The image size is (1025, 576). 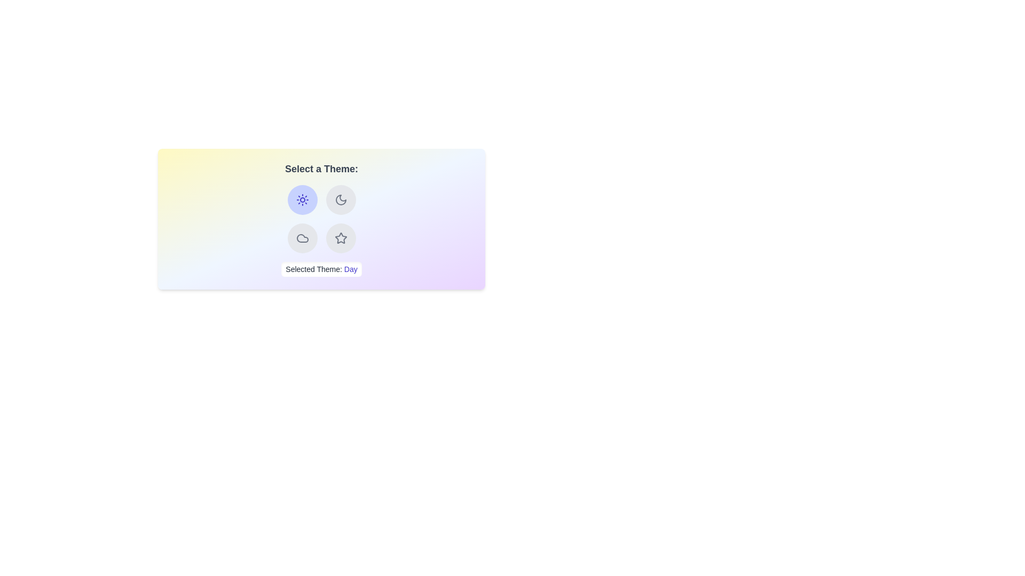 What do you see at coordinates (302, 238) in the screenshot?
I see `the button corresponding to the theme Cloudy` at bounding box center [302, 238].